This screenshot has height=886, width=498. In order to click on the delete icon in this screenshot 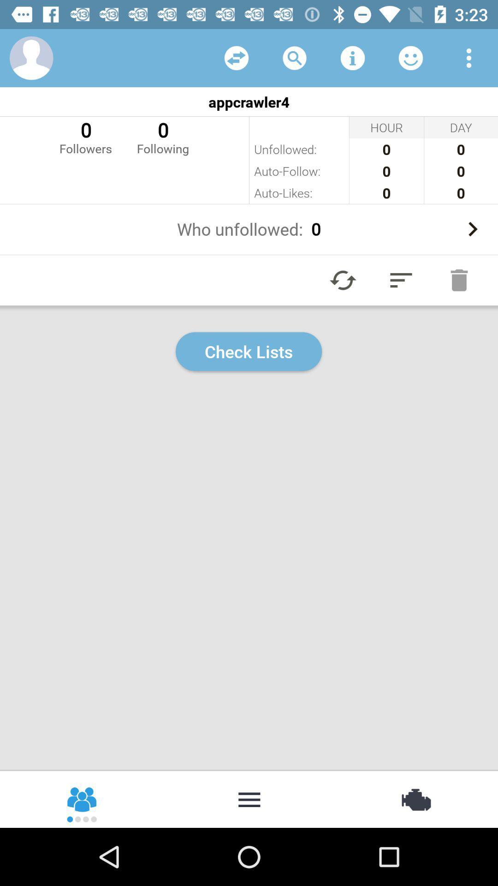, I will do `click(459, 280)`.